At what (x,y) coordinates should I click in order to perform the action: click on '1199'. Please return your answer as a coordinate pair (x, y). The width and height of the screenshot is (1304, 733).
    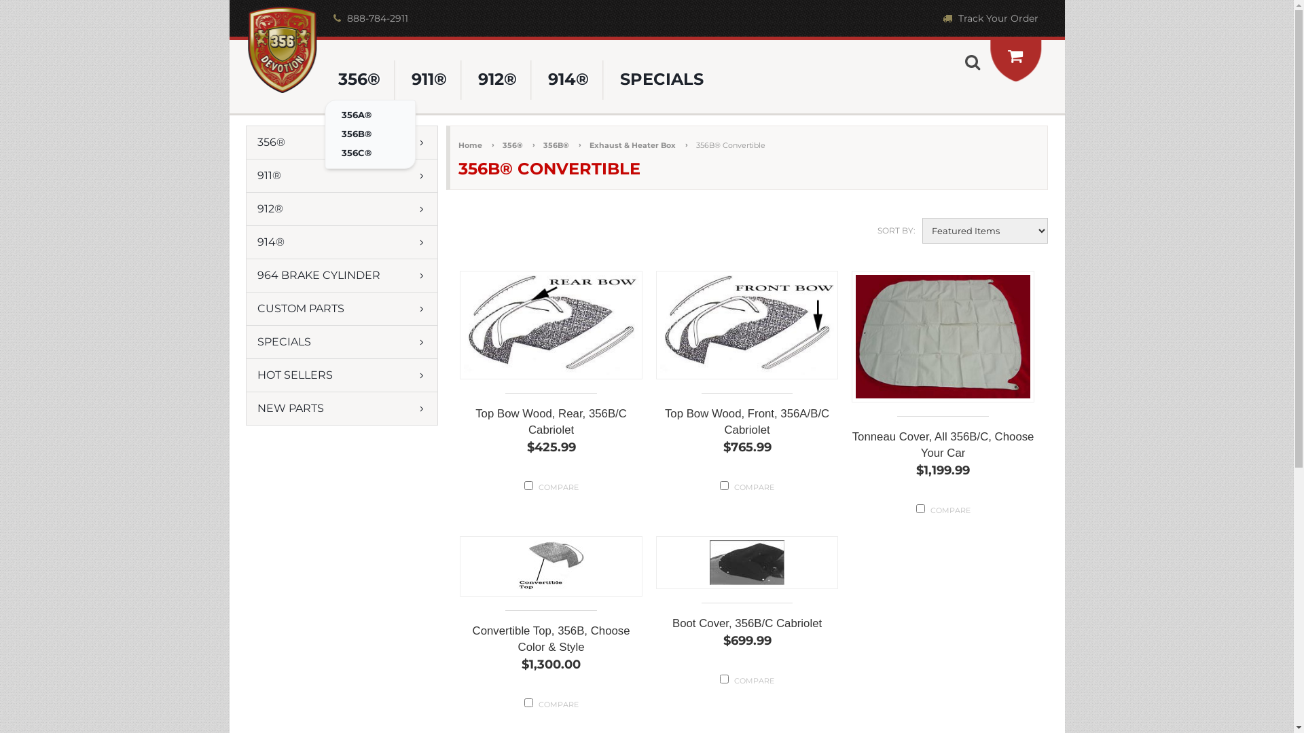
    Looking at the image, I should click on (528, 702).